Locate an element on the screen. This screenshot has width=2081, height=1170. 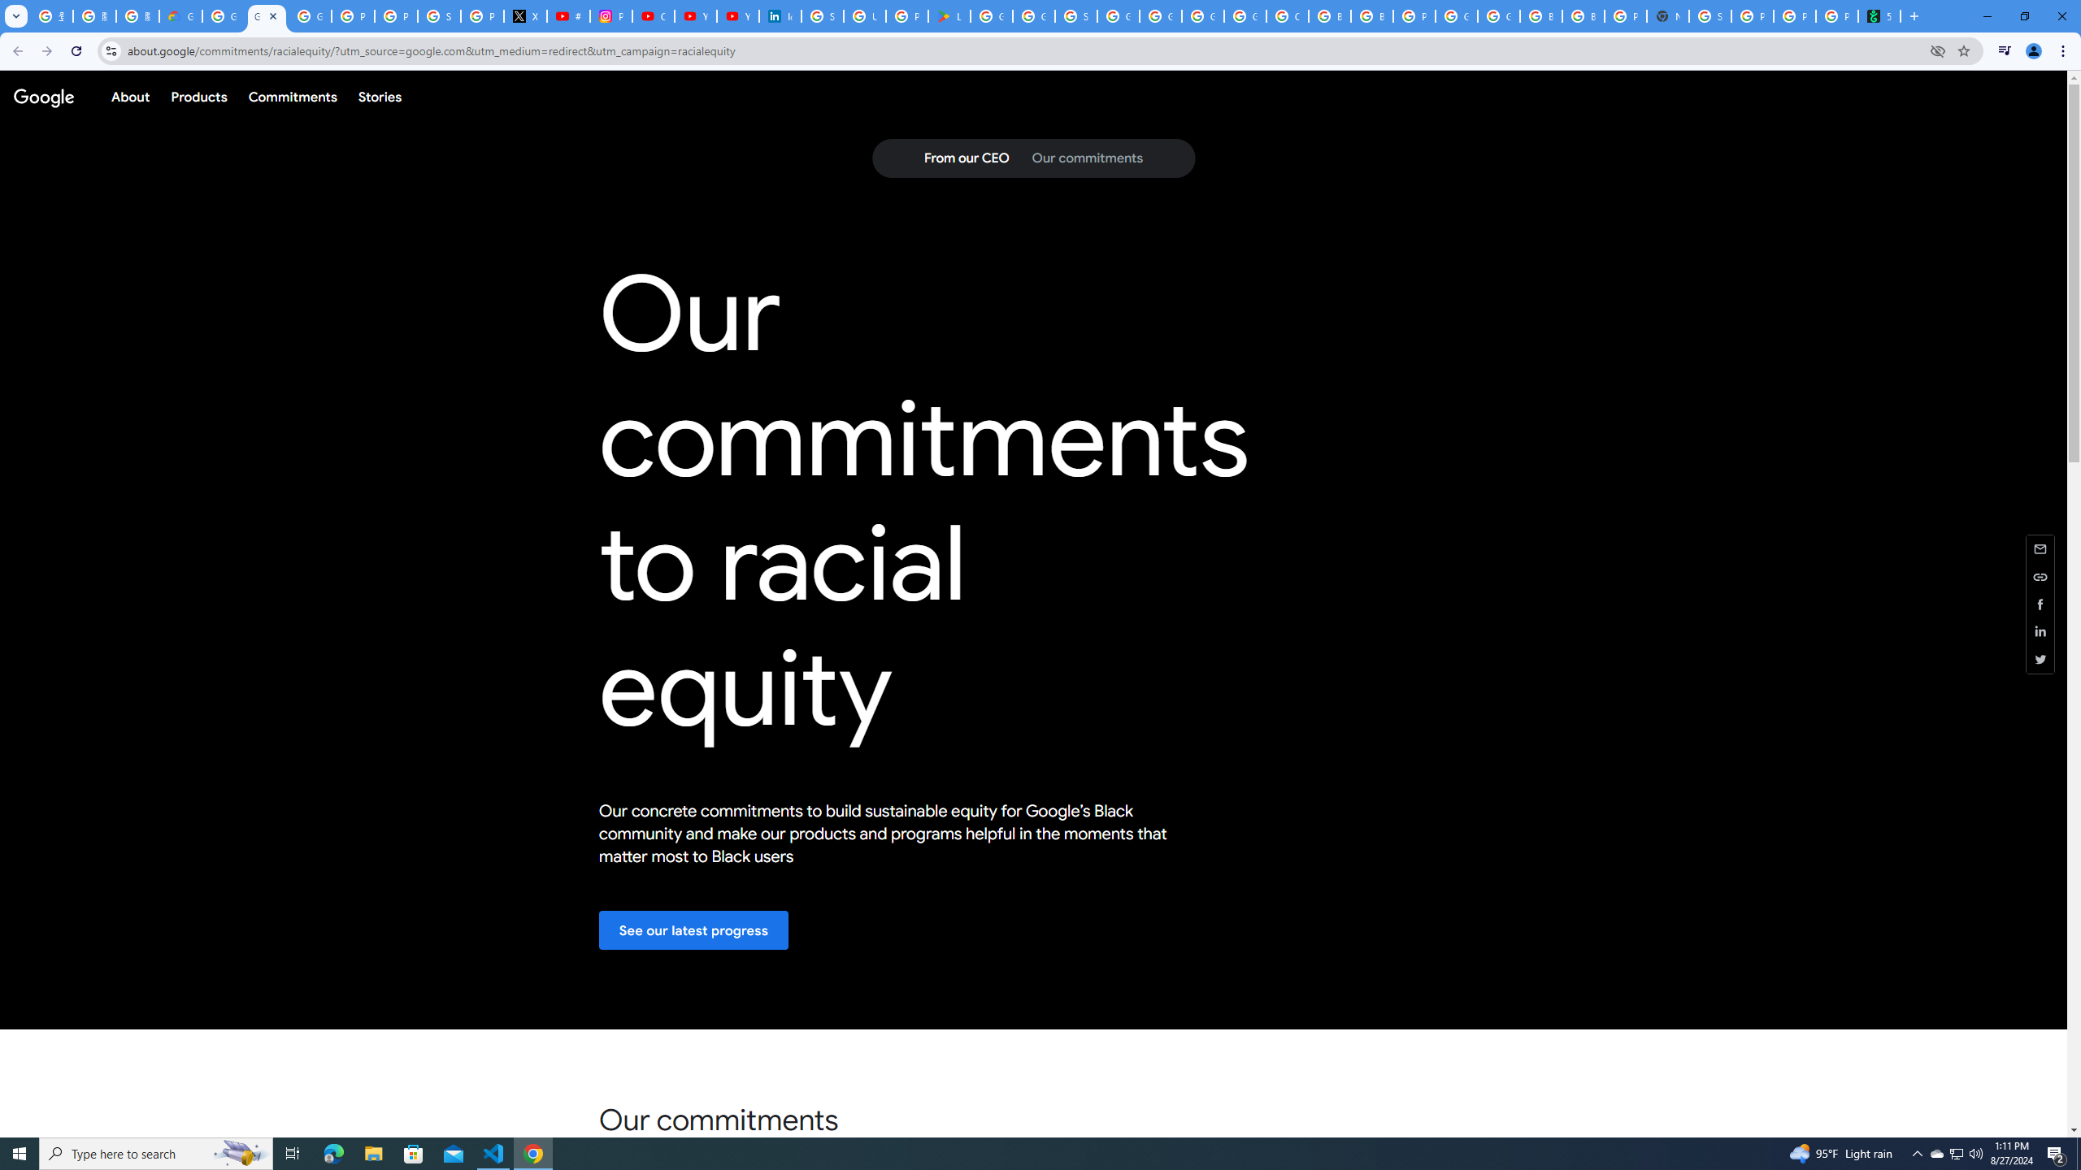
'Control your music, videos, and more' is located at coordinates (2005, 50).